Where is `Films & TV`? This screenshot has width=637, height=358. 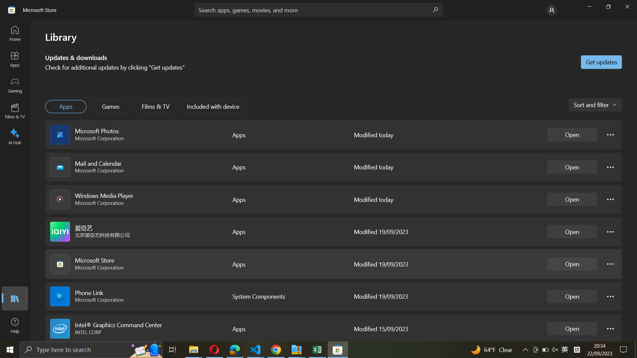
Films & TV is located at coordinates (155, 106).